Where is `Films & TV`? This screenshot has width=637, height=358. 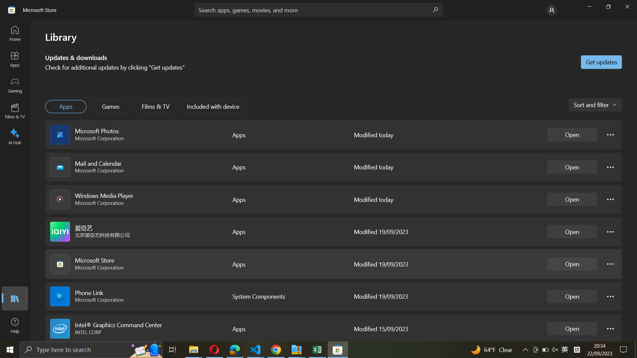
Films & TV is located at coordinates (155, 106).